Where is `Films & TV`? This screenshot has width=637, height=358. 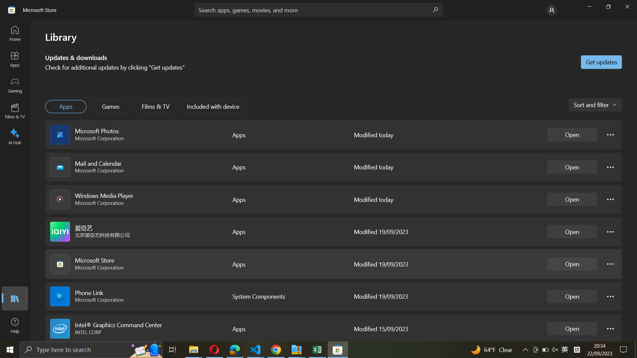
Films & TV is located at coordinates (155, 106).